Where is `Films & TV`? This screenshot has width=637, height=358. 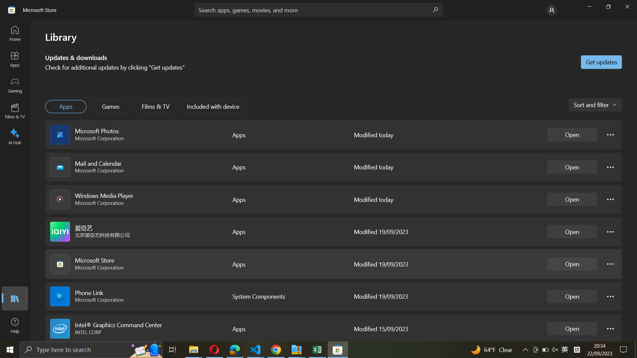
Films & TV is located at coordinates (155, 106).